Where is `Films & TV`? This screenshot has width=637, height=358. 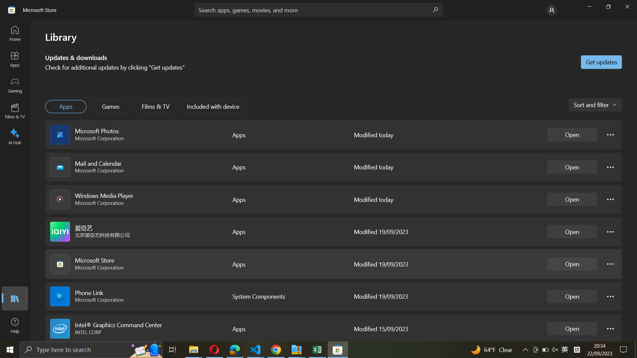
Films & TV is located at coordinates (155, 106).